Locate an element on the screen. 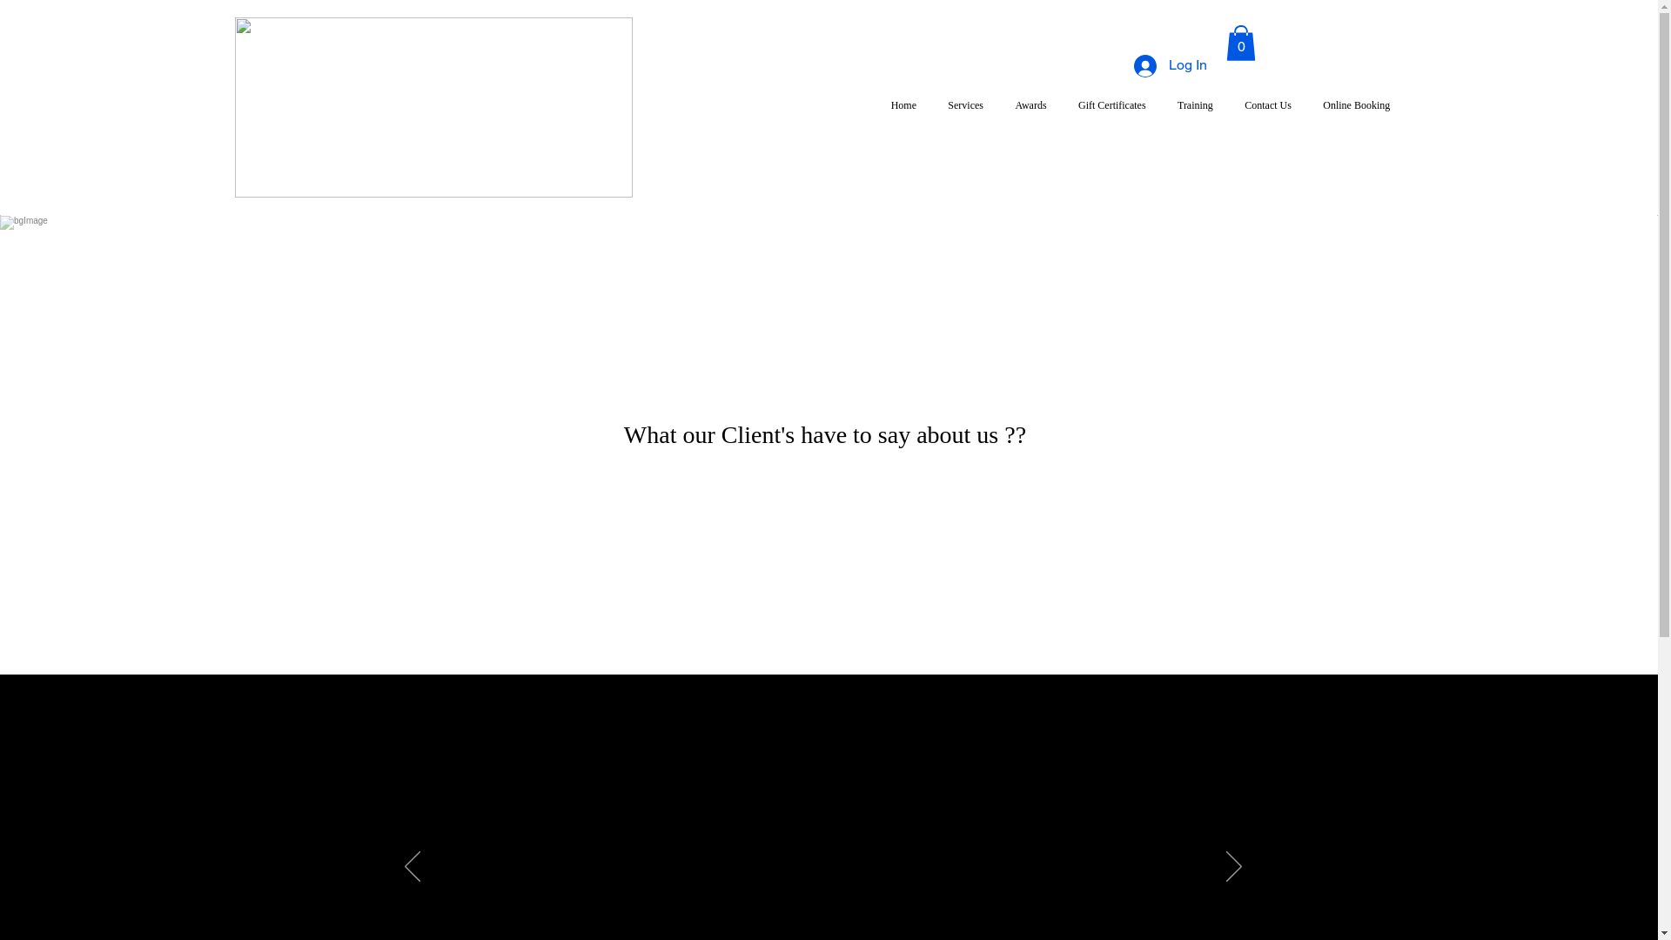 The width and height of the screenshot is (1671, 940). 'Contact Us' is located at coordinates (1227, 104).